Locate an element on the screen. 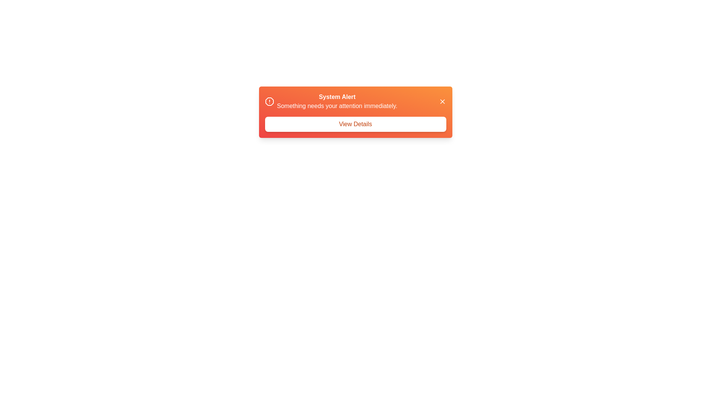  the textual information display element, which conveys a critical alert message and is centrally positioned in the top half of the alert box, to the right of the alert icon and above the 'View Details' button is located at coordinates (336, 101).